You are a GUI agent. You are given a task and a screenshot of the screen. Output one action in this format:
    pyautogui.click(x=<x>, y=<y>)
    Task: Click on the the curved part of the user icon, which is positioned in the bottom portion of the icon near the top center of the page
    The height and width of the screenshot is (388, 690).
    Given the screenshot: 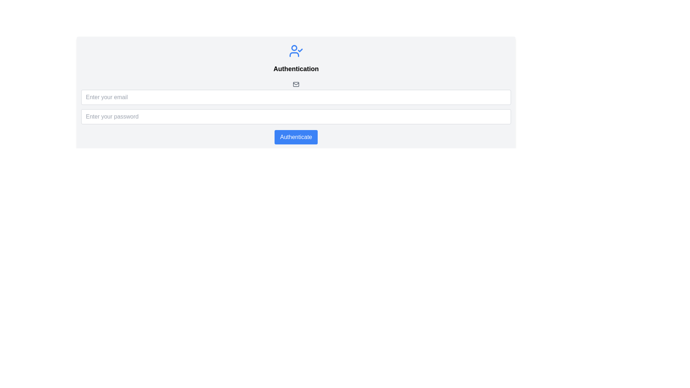 What is the action you would take?
    pyautogui.click(x=294, y=54)
    